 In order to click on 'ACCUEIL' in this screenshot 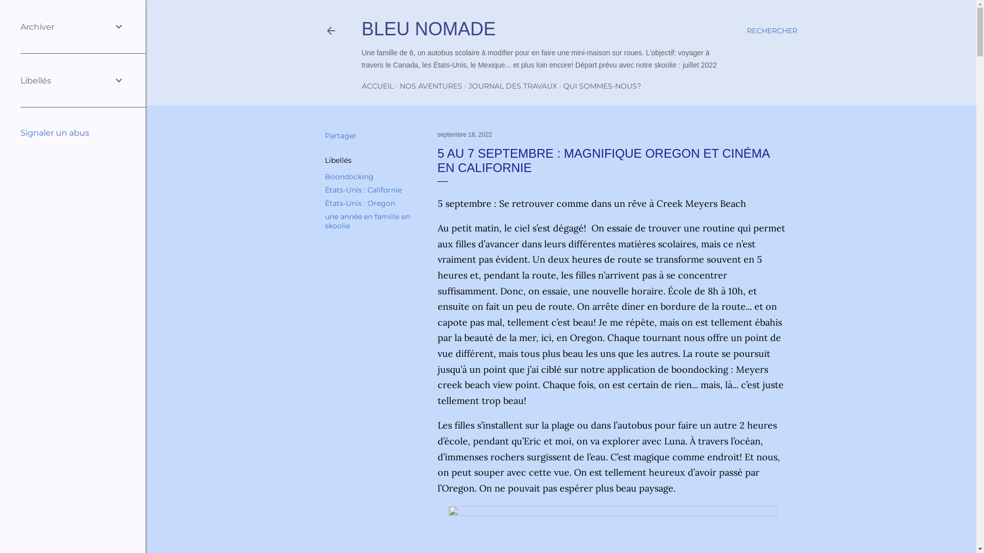, I will do `click(361, 86)`.